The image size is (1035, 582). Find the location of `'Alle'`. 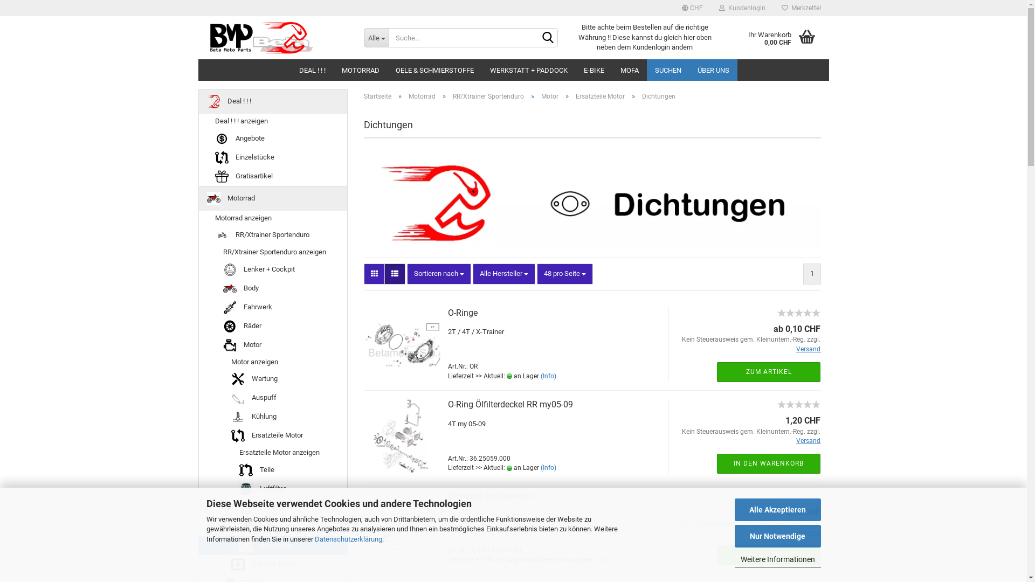

'Alle' is located at coordinates (376, 37).